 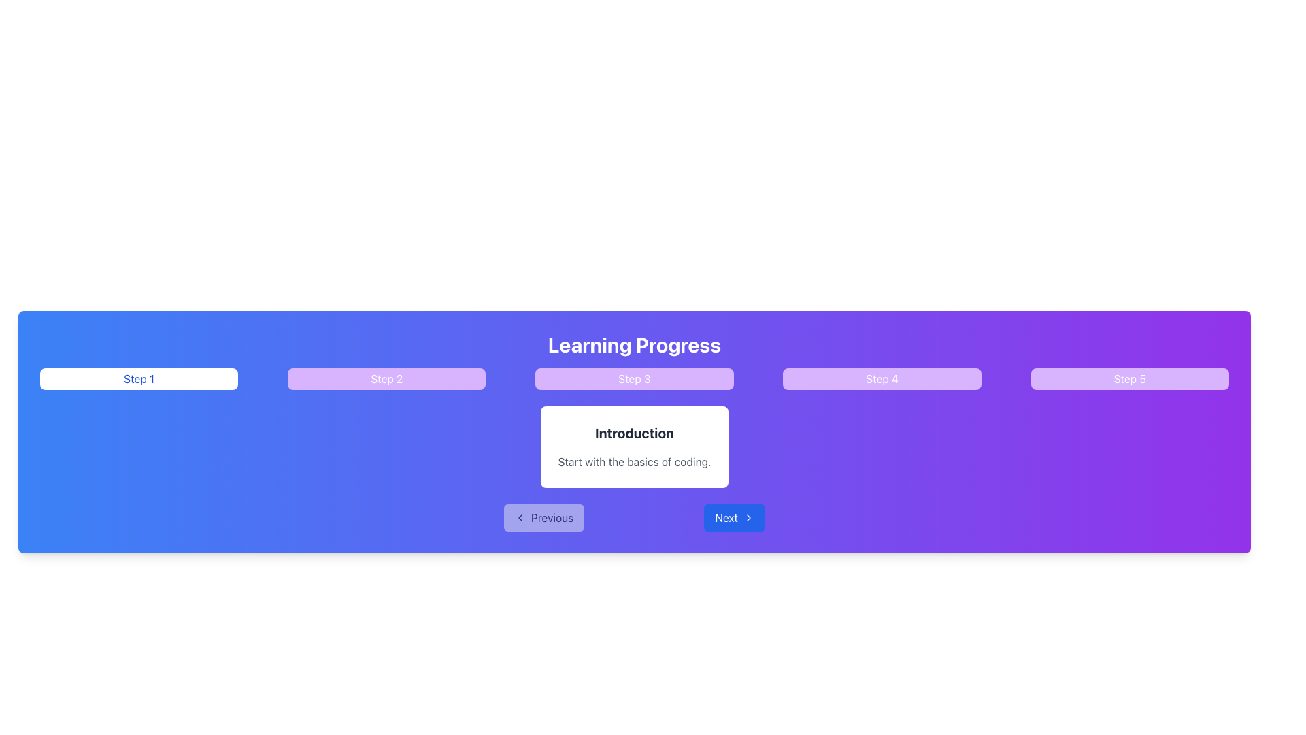 I want to click on the fifth button in the 'Learning Progress' bar, so click(x=1130, y=378).